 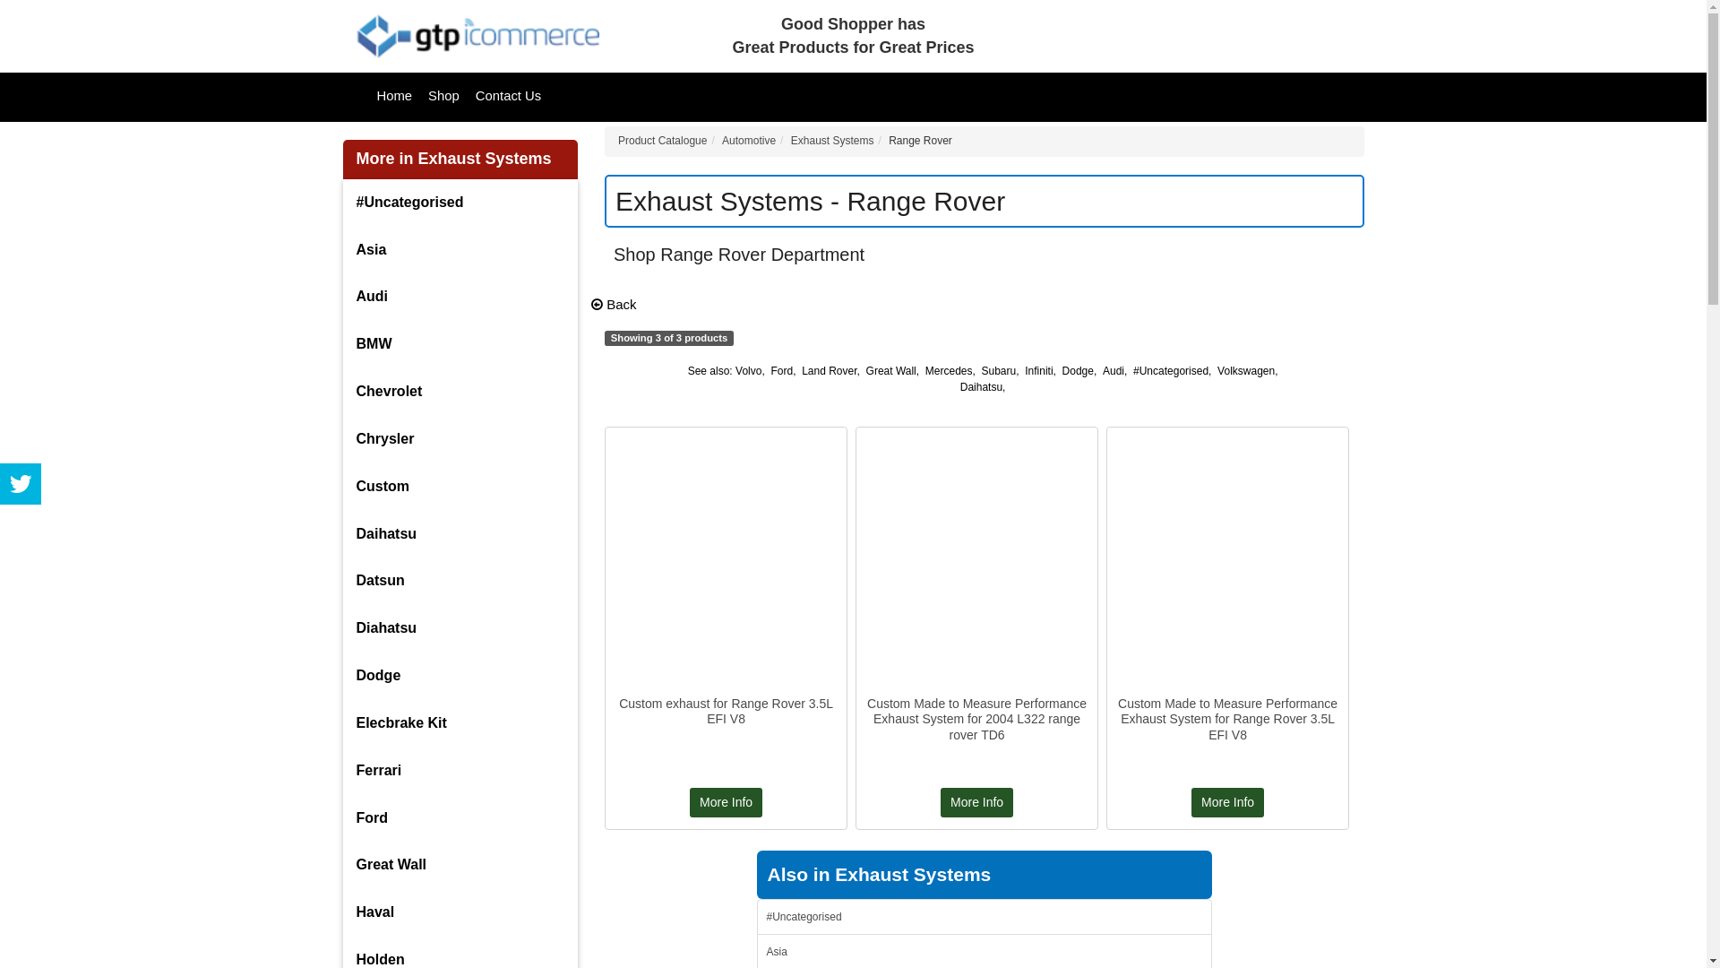 I want to click on 'Infiniti', so click(x=1038, y=369).